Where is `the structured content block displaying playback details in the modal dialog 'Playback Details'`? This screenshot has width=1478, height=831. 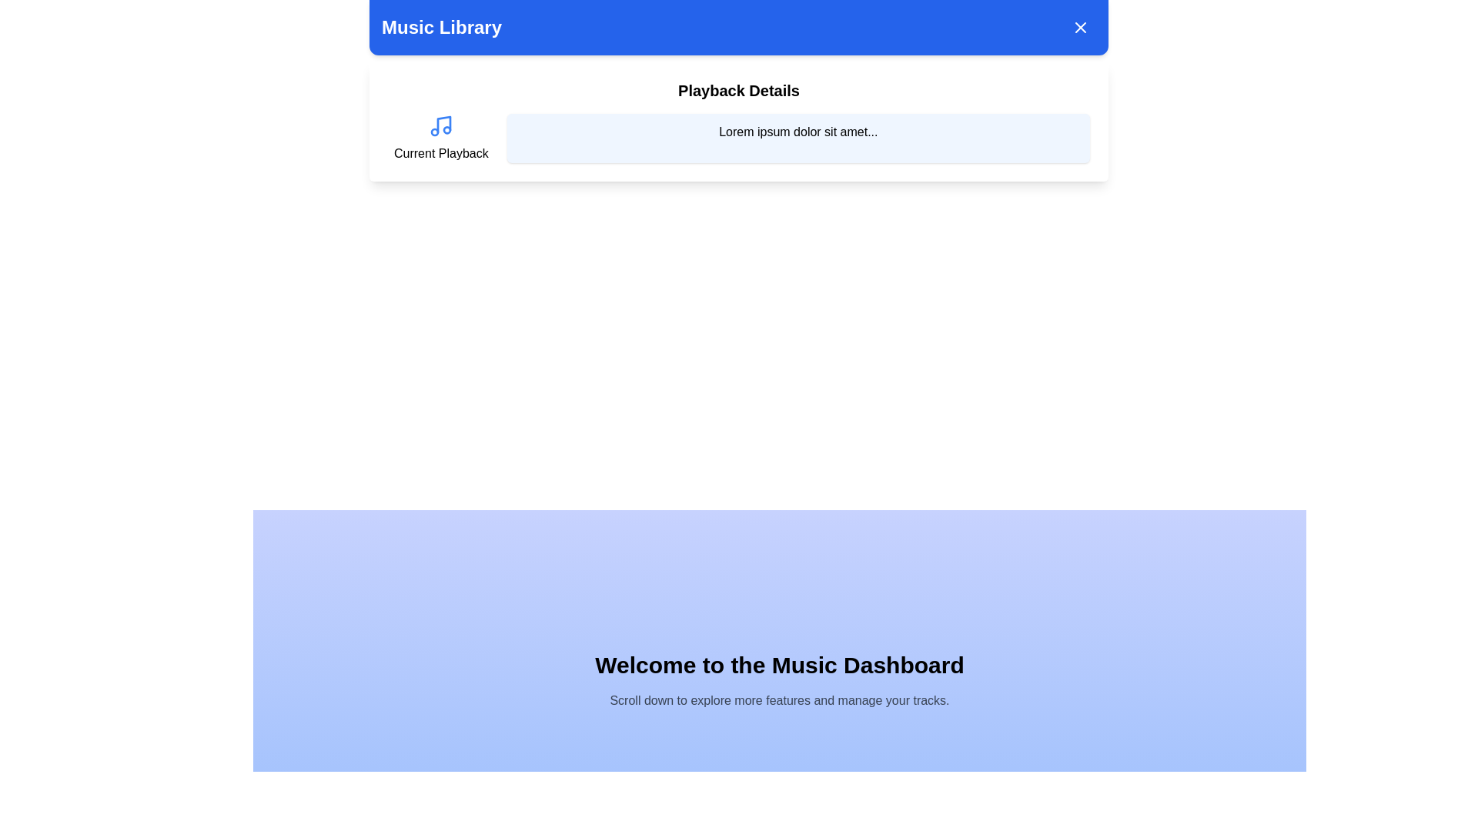 the structured content block displaying playback details in the modal dialog 'Playback Details' is located at coordinates (739, 138).